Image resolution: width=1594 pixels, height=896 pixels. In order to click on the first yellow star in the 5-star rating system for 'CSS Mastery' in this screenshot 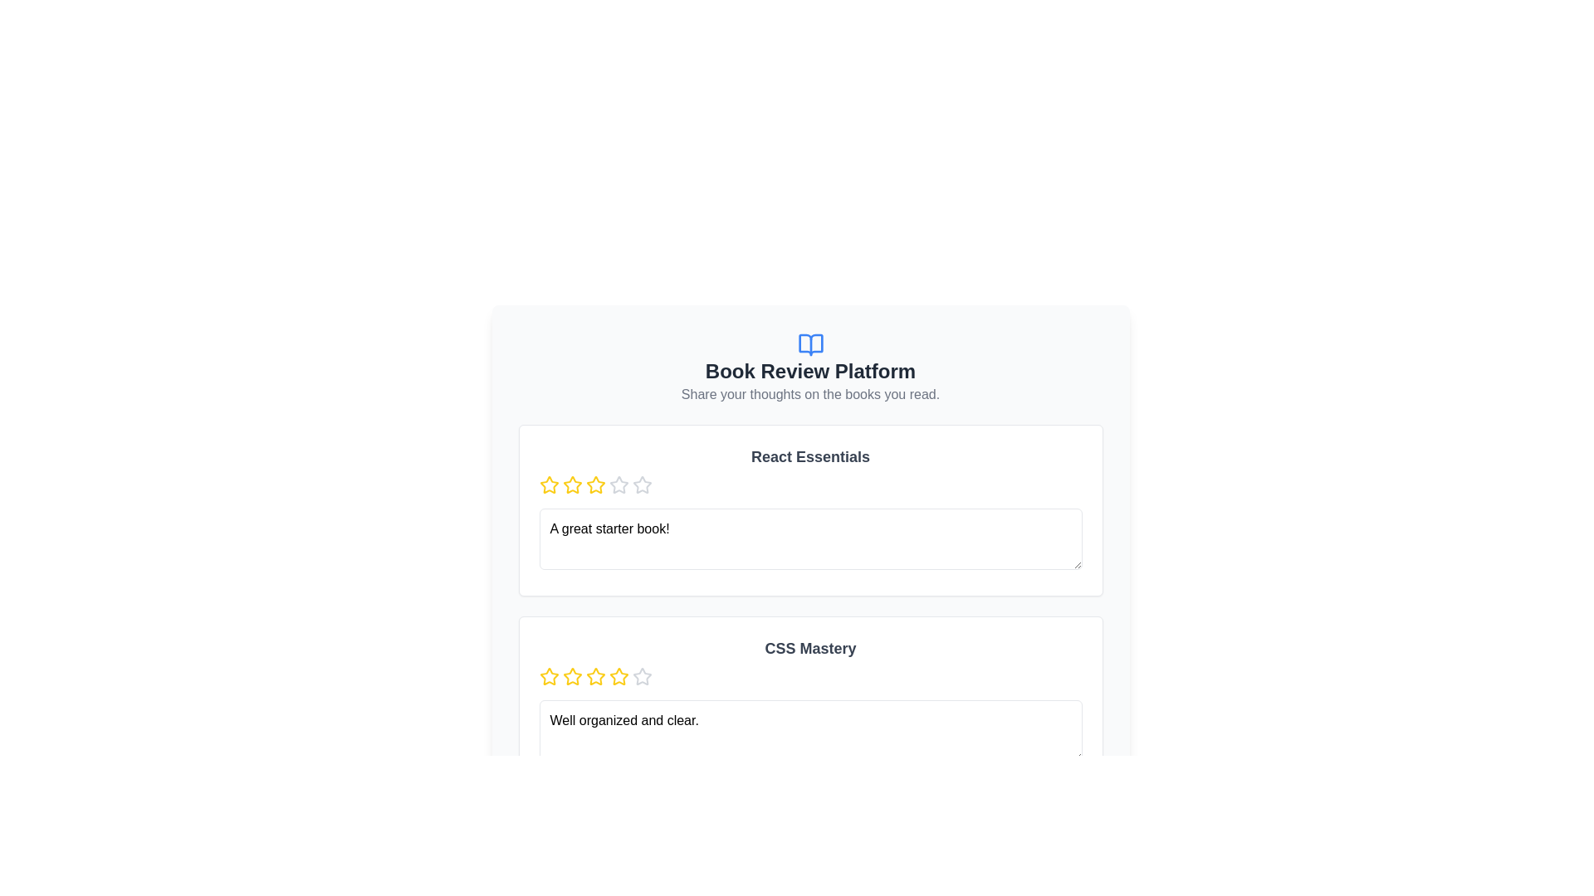, I will do `click(549, 677)`.